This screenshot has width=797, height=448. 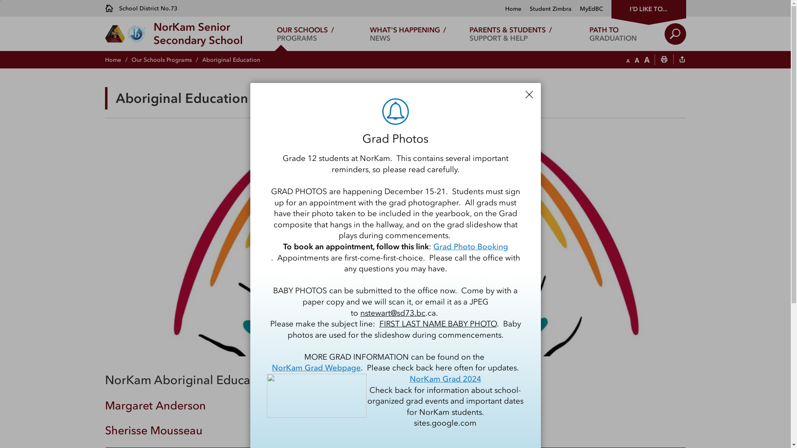 What do you see at coordinates (636, 60) in the screenshot?
I see `'Default text size'` at bounding box center [636, 60].